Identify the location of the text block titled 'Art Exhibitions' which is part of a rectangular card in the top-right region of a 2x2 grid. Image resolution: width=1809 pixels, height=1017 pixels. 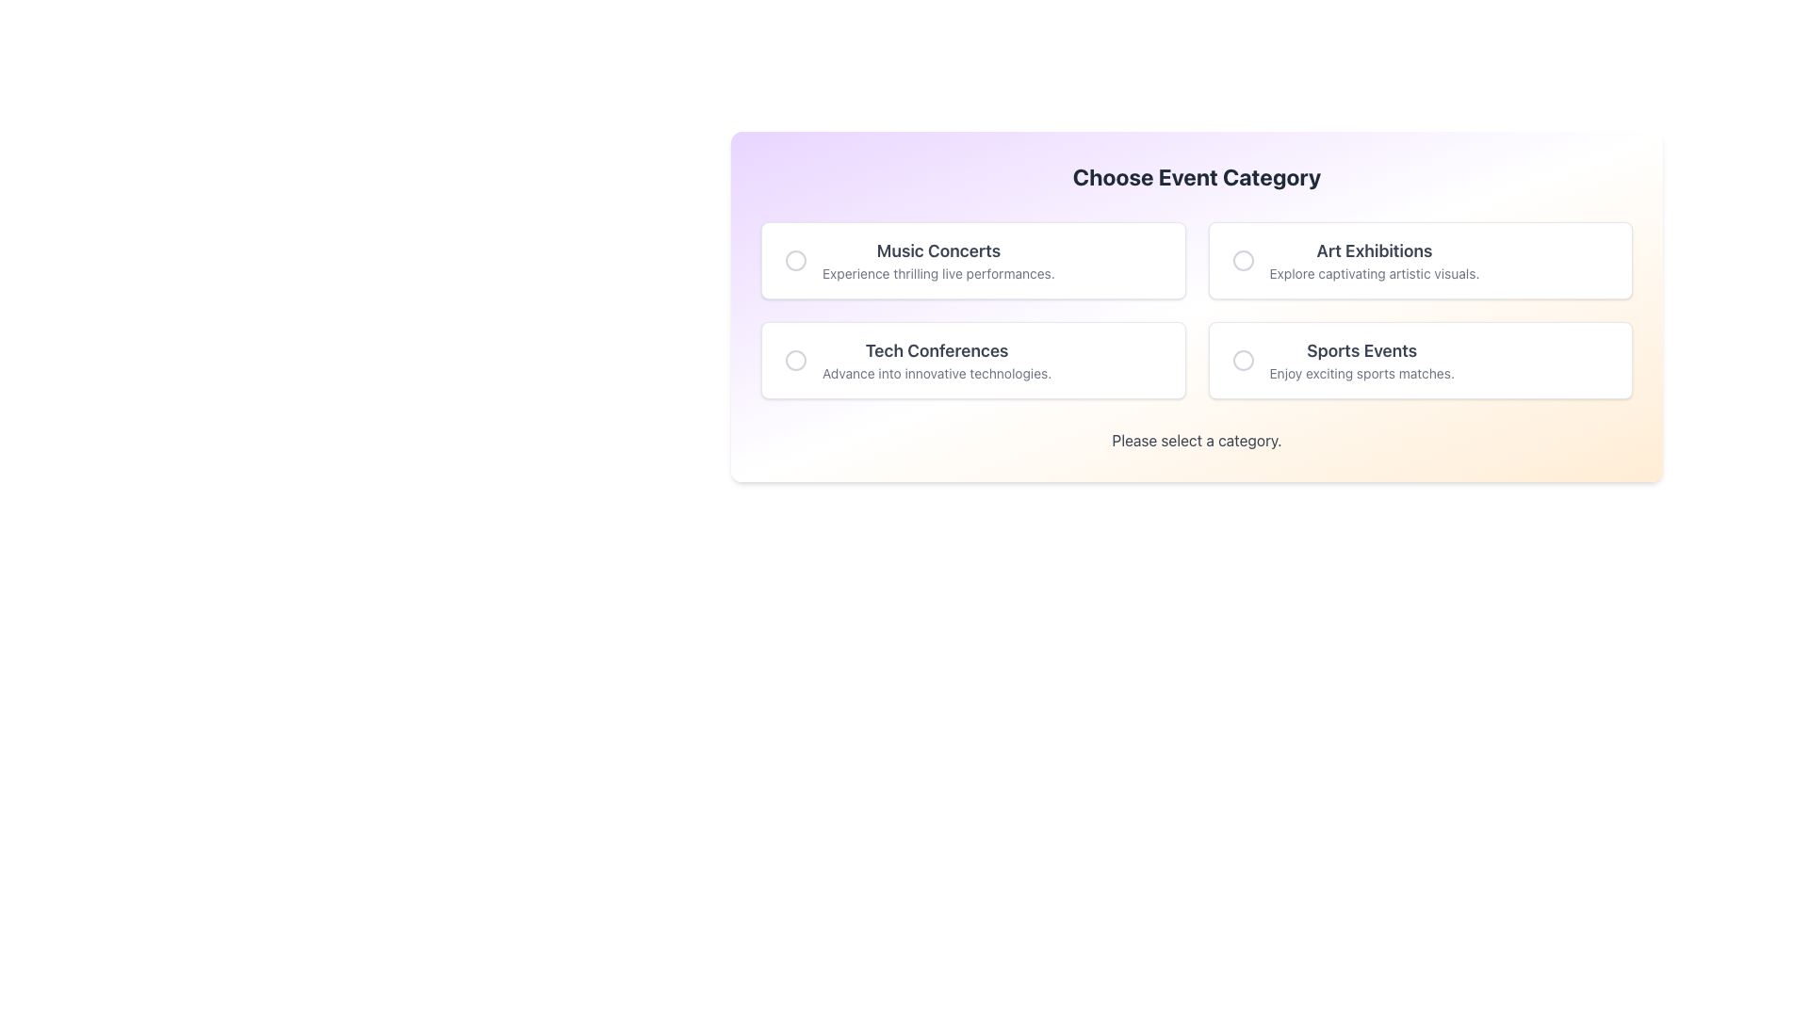
(1375, 261).